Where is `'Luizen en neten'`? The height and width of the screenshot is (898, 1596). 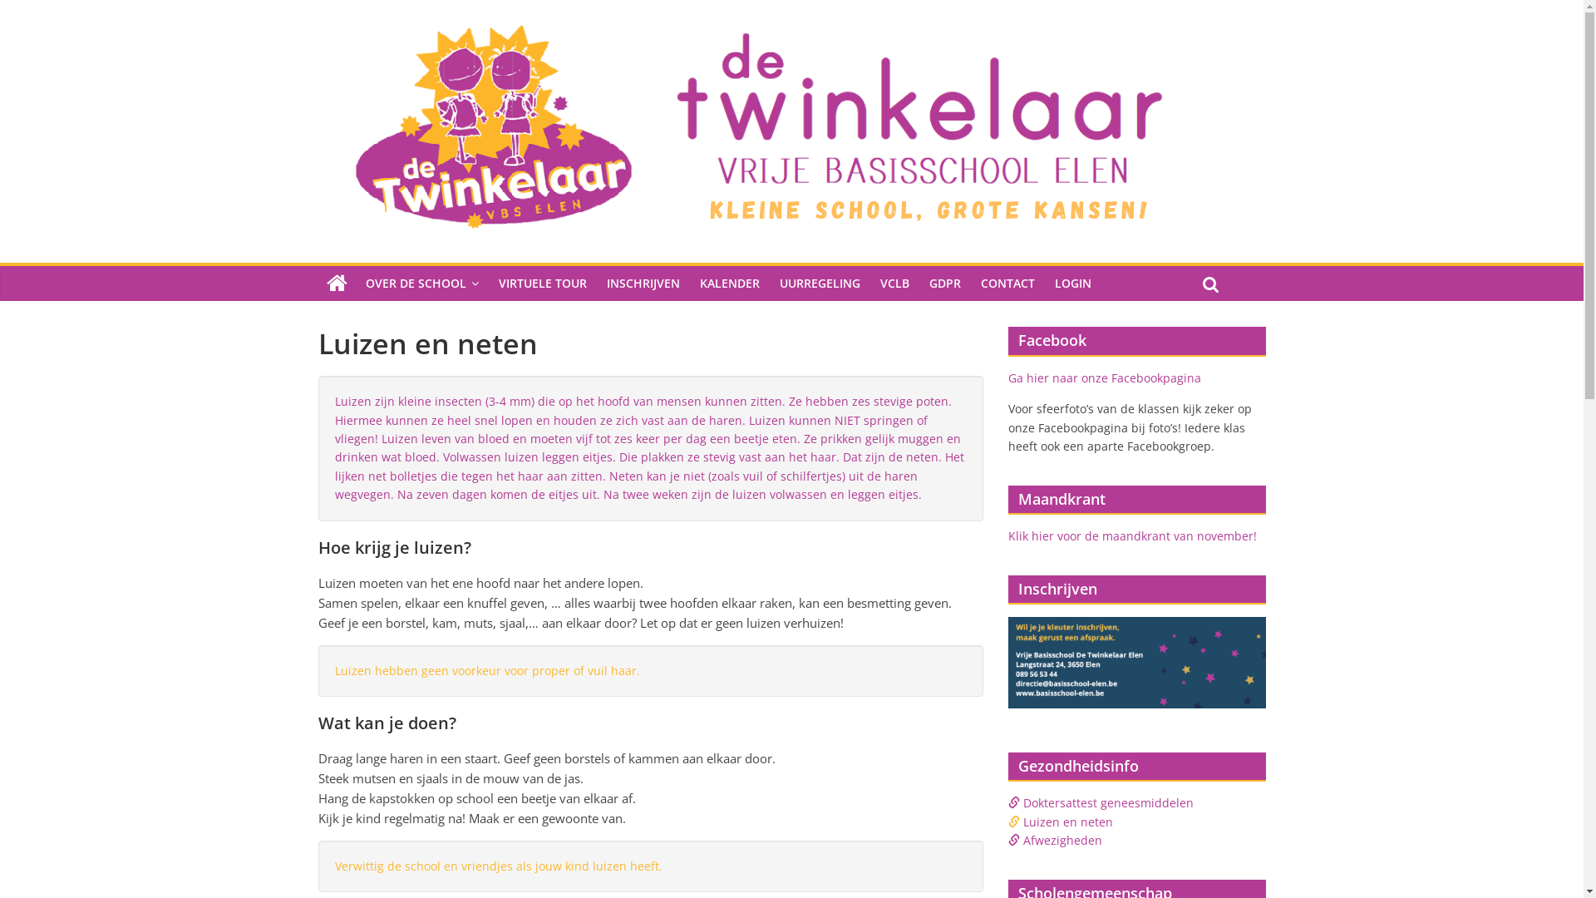
'Luizen en neten' is located at coordinates (1066, 821).